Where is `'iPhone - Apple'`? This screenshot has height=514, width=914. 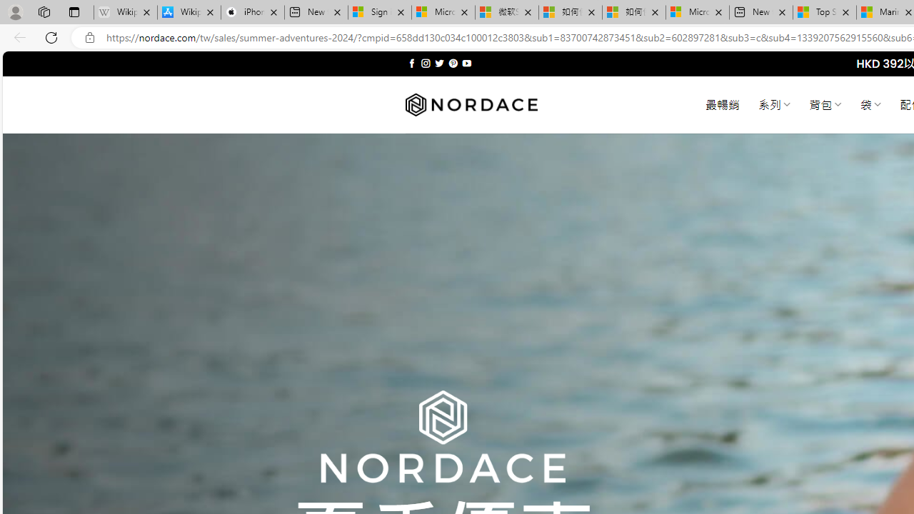 'iPhone - Apple' is located at coordinates (252, 12).